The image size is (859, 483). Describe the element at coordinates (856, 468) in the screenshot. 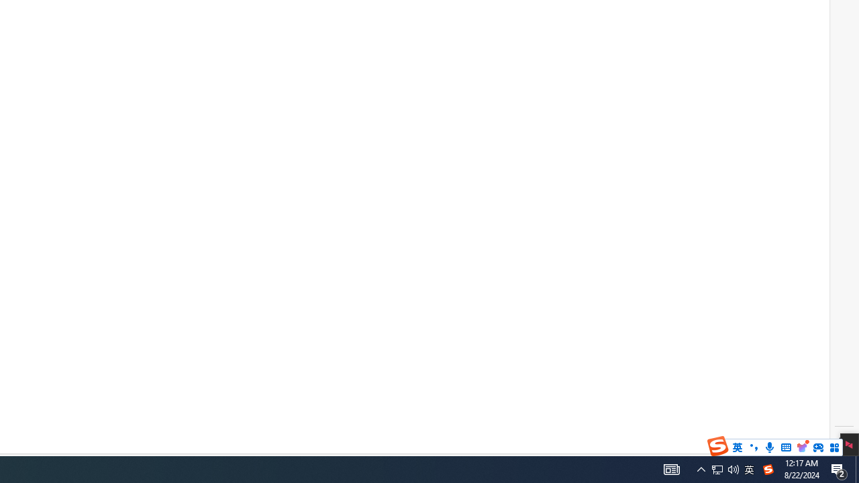

I see `'Show desktop'` at that location.